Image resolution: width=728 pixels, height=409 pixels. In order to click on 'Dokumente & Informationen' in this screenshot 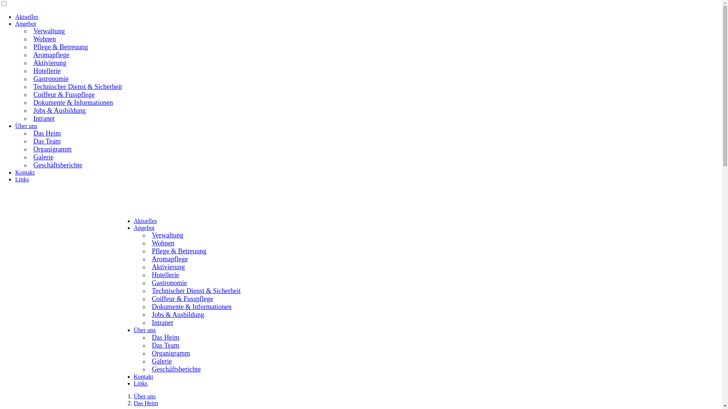, I will do `click(72, 101)`.